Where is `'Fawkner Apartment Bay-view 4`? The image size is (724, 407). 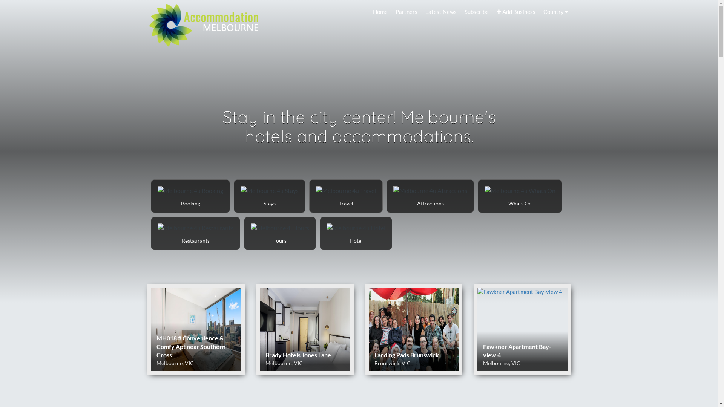
'Fawkner Apartment Bay-view 4 is located at coordinates (522, 329).